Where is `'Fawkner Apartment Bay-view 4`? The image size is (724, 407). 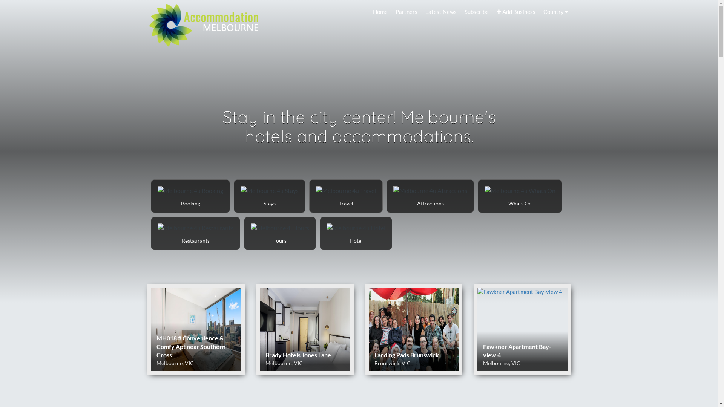
'Fawkner Apartment Bay-view 4 is located at coordinates (522, 329).